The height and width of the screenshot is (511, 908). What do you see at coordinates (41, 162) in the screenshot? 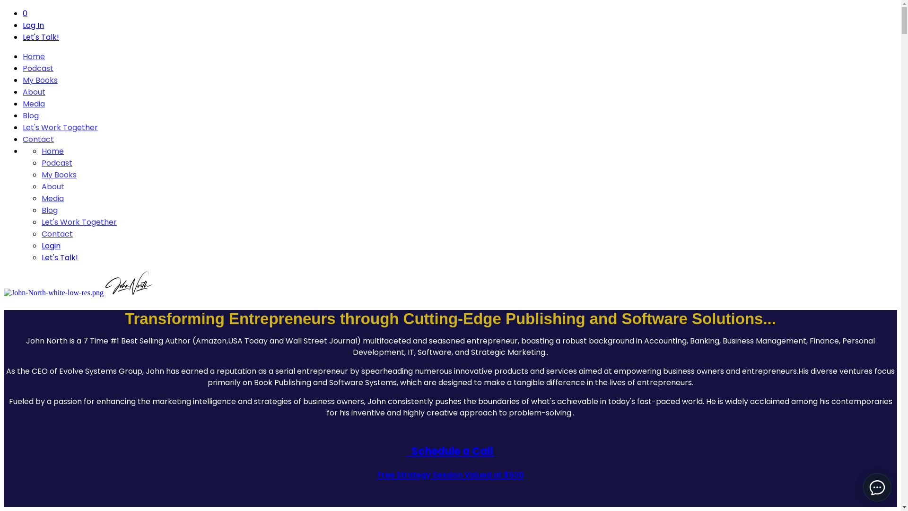
I see `'Podcast'` at bounding box center [41, 162].